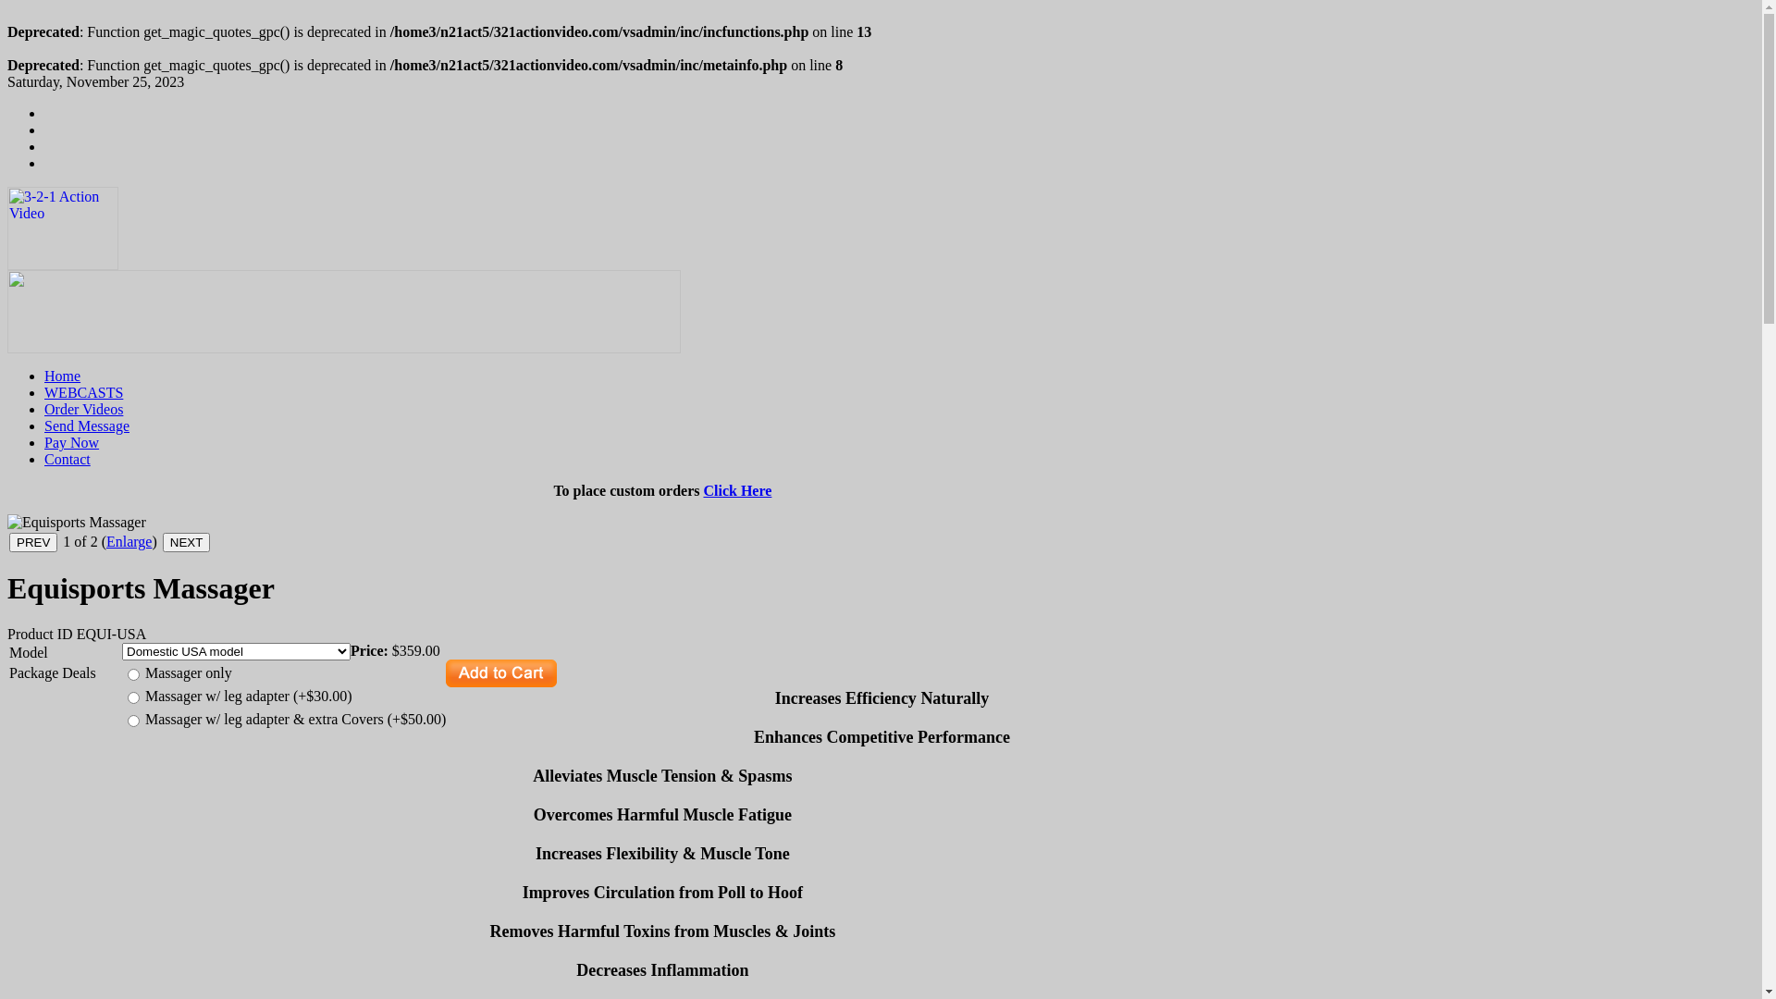 This screenshot has width=1776, height=999. Describe the element at coordinates (132, 697) in the screenshot. I see `'148'` at that location.